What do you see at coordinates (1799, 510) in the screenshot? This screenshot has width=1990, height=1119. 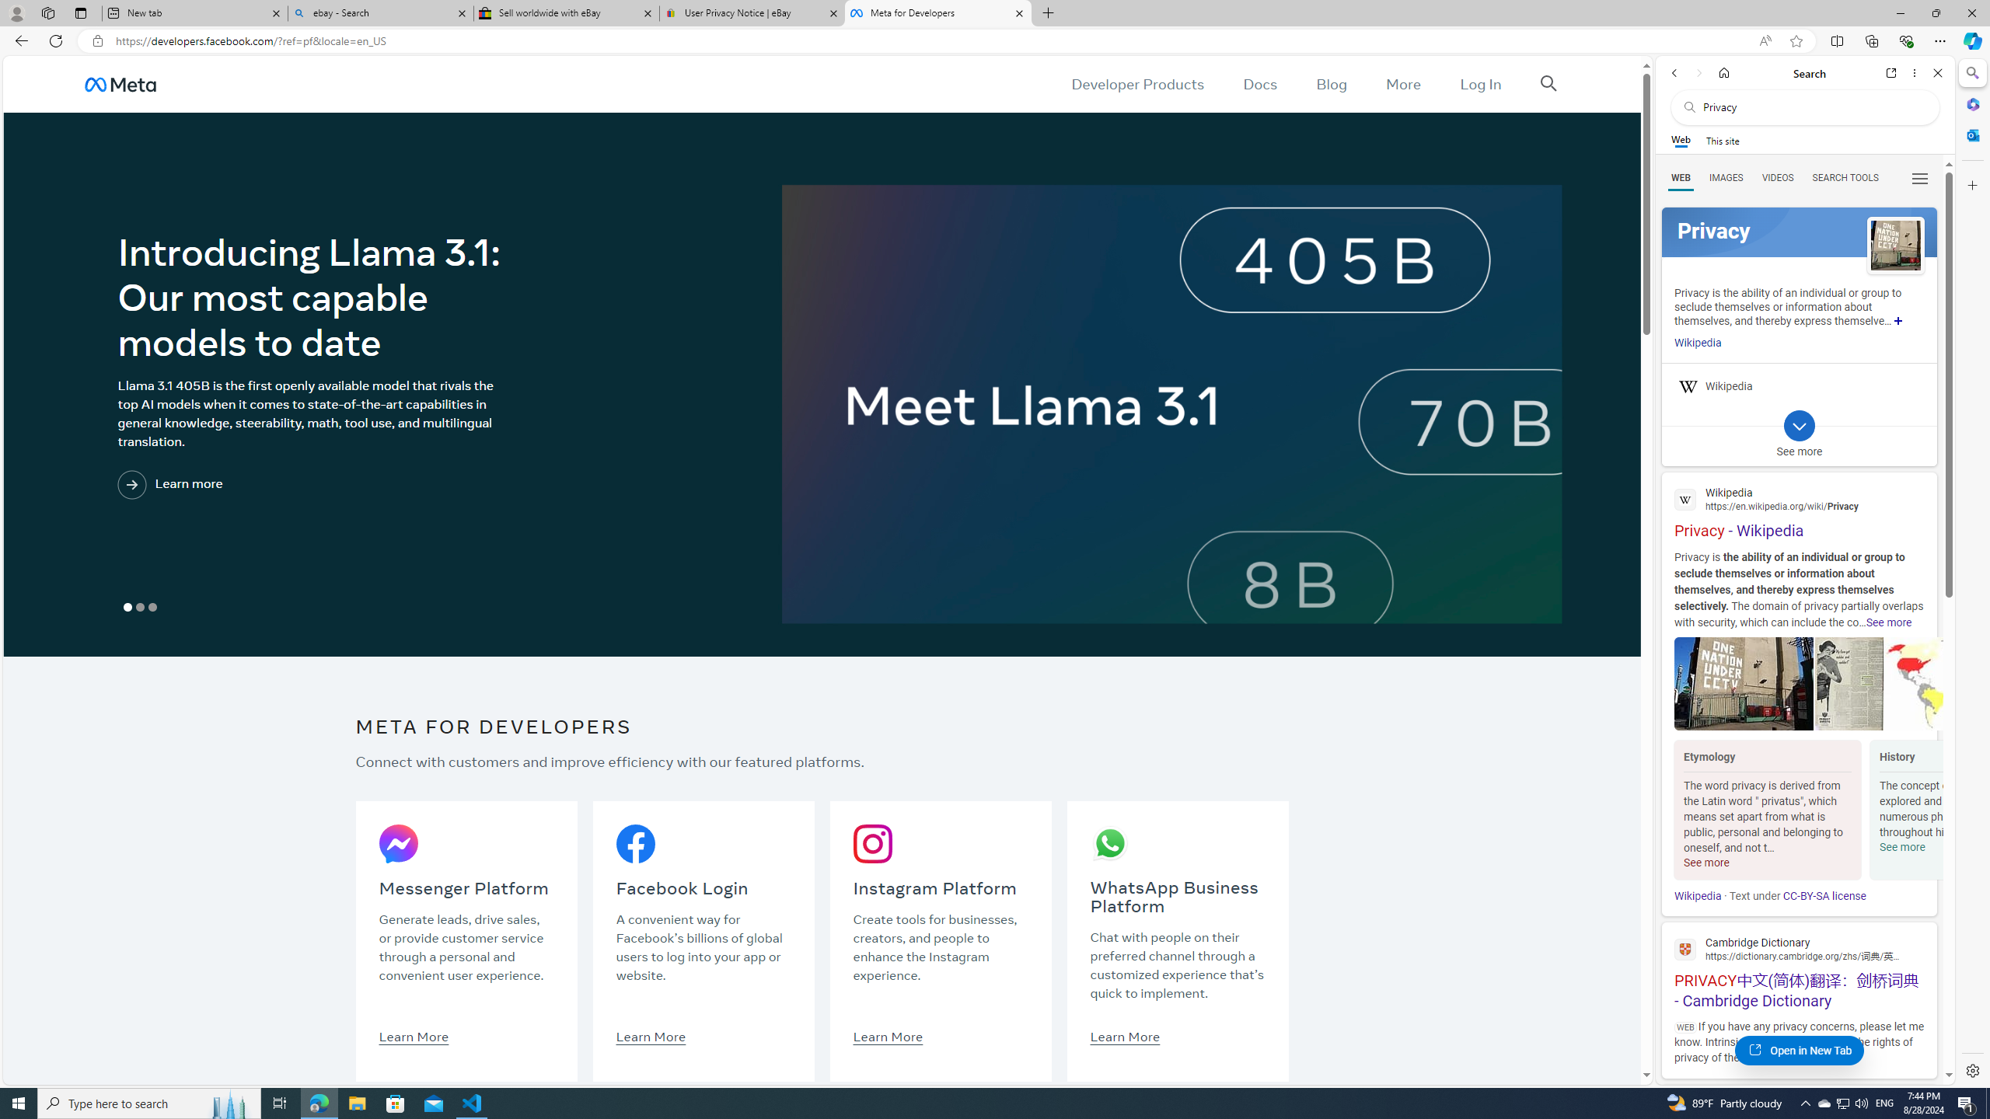 I see `'Privacy - Wikipedia'` at bounding box center [1799, 510].